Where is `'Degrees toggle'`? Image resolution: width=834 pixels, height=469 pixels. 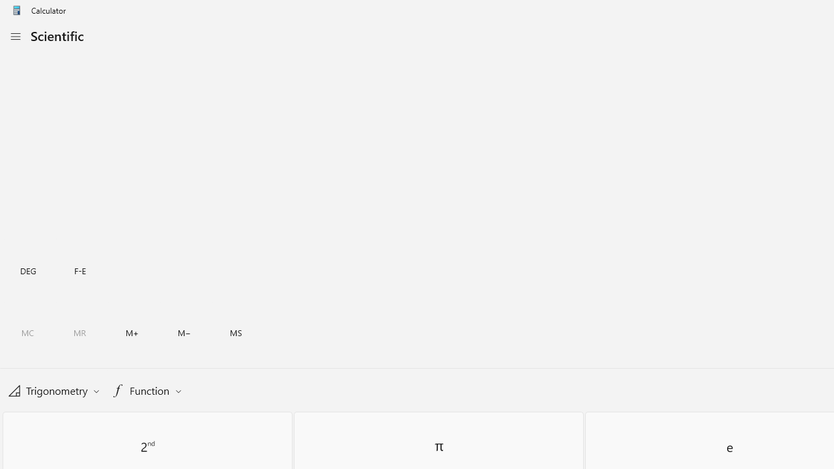
'Degrees toggle' is located at coordinates (27, 269).